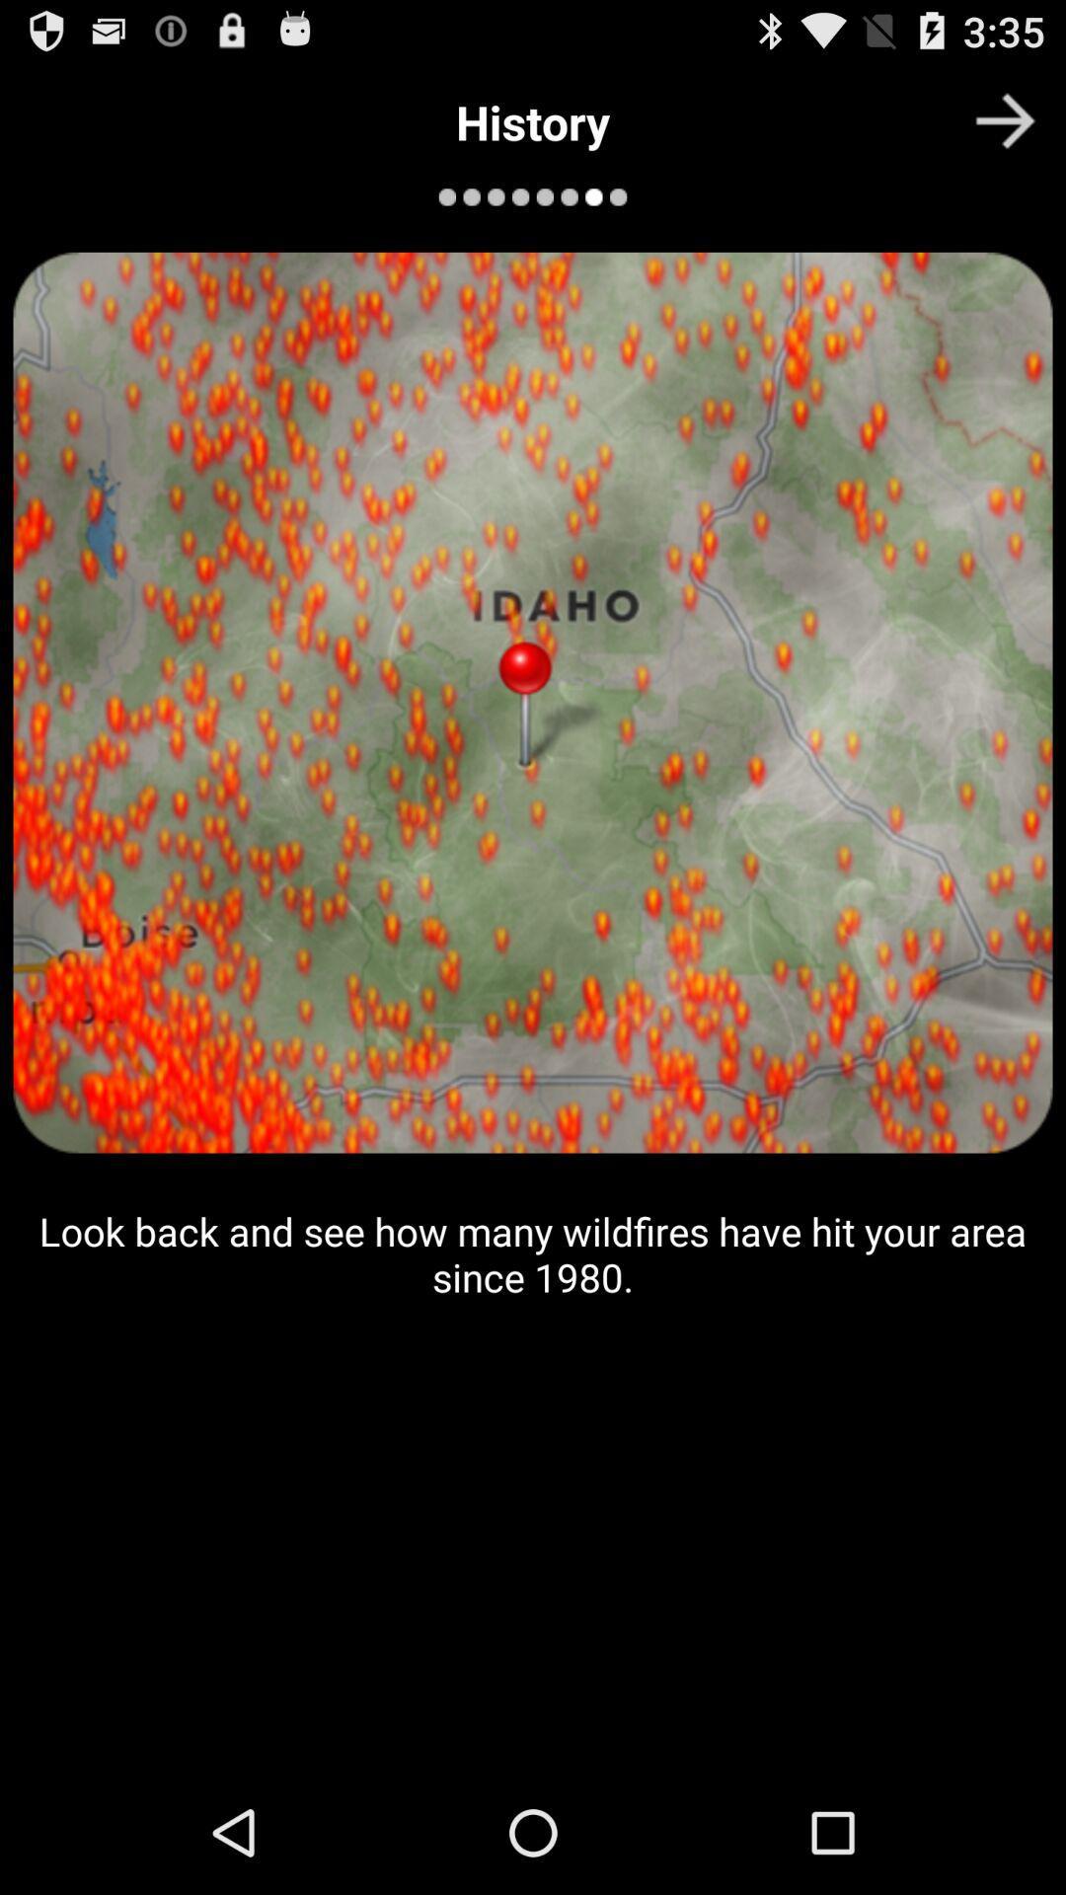 Image resolution: width=1066 pixels, height=1895 pixels. I want to click on next page, so click(1005, 119).